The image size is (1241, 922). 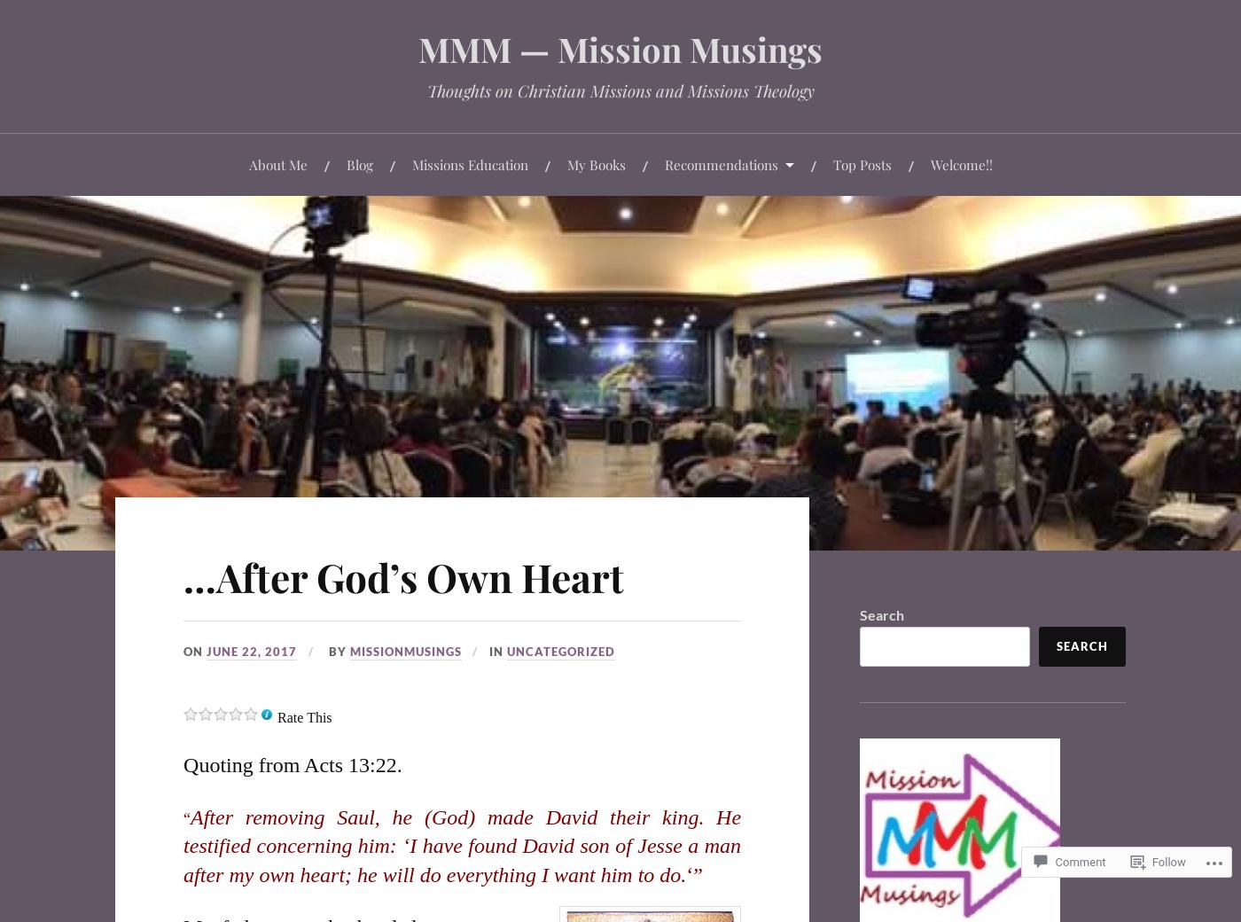 I want to click on 'After removing Saul, he (God) made David their king. He testified concerning him: ‘I have found David son of Jesse a man after my own heart; he will do everything I want him to do.', so click(x=462, y=845).